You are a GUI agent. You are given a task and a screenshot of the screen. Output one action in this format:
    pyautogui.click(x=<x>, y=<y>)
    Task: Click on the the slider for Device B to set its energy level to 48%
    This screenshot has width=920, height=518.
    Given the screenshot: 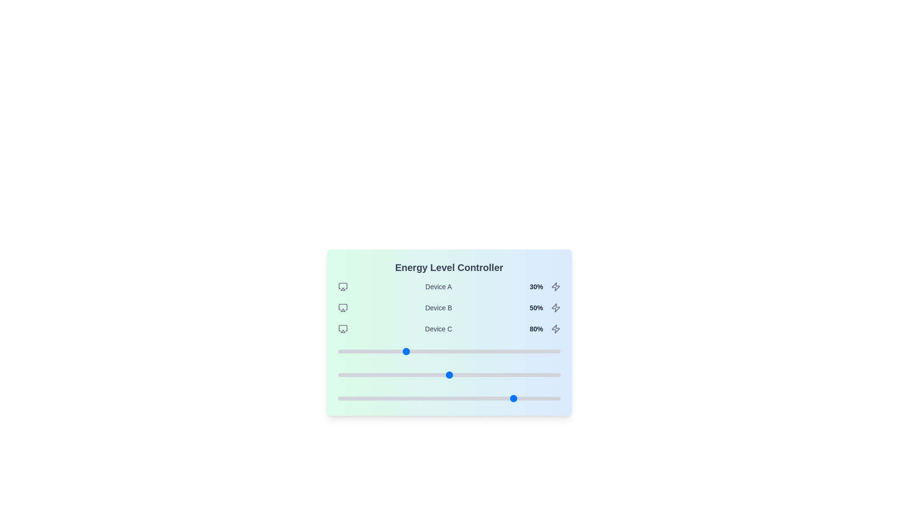 What is the action you would take?
    pyautogui.click(x=444, y=375)
    